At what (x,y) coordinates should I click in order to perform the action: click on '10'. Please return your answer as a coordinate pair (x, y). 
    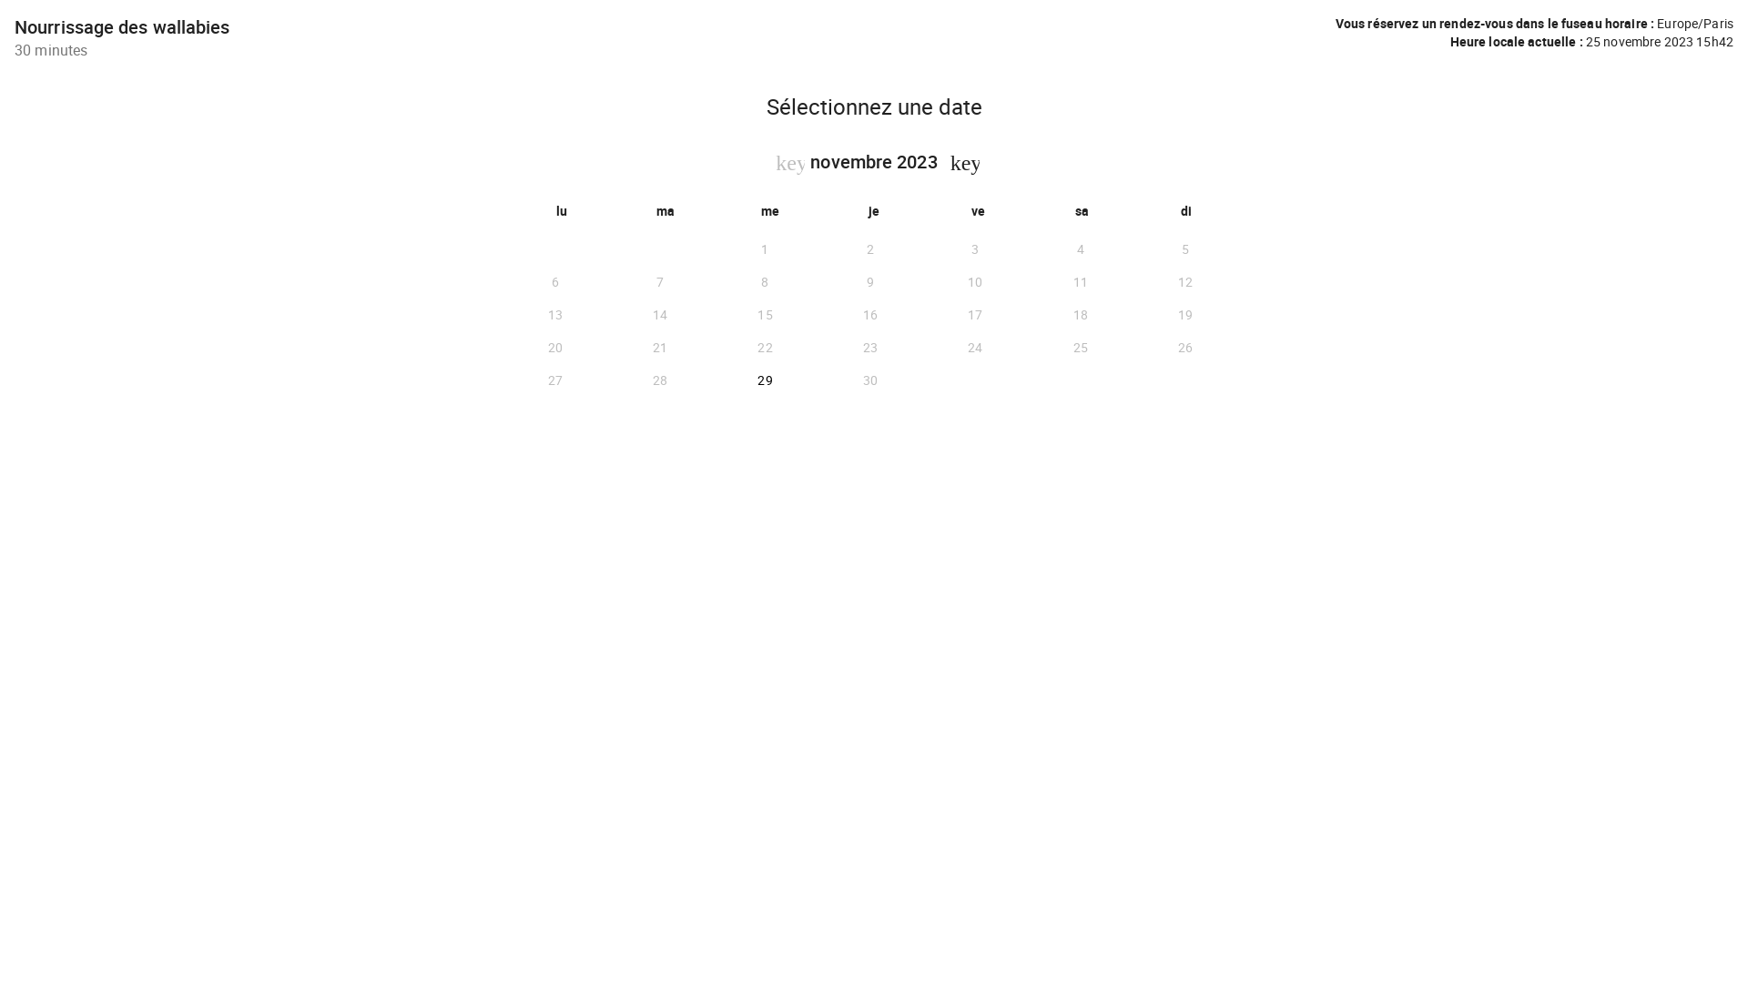
    Looking at the image, I should click on (922, 281).